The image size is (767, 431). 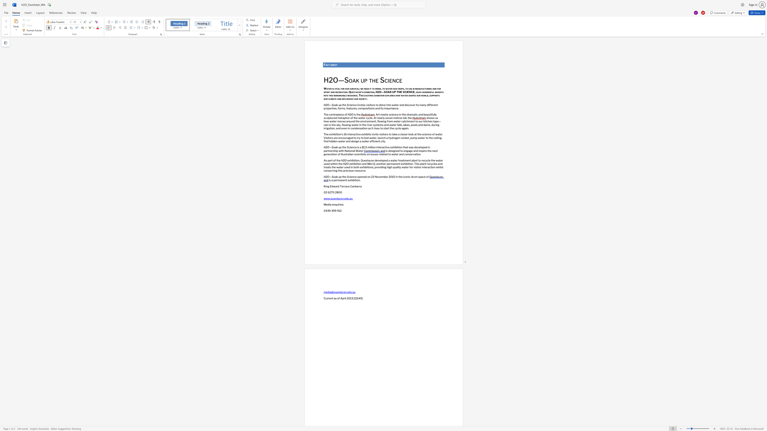 What do you see at coordinates (340, 176) in the screenshot?
I see `the subset text "p the Scie" within the text "H2O—Soak up the Science"` at bounding box center [340, 176].